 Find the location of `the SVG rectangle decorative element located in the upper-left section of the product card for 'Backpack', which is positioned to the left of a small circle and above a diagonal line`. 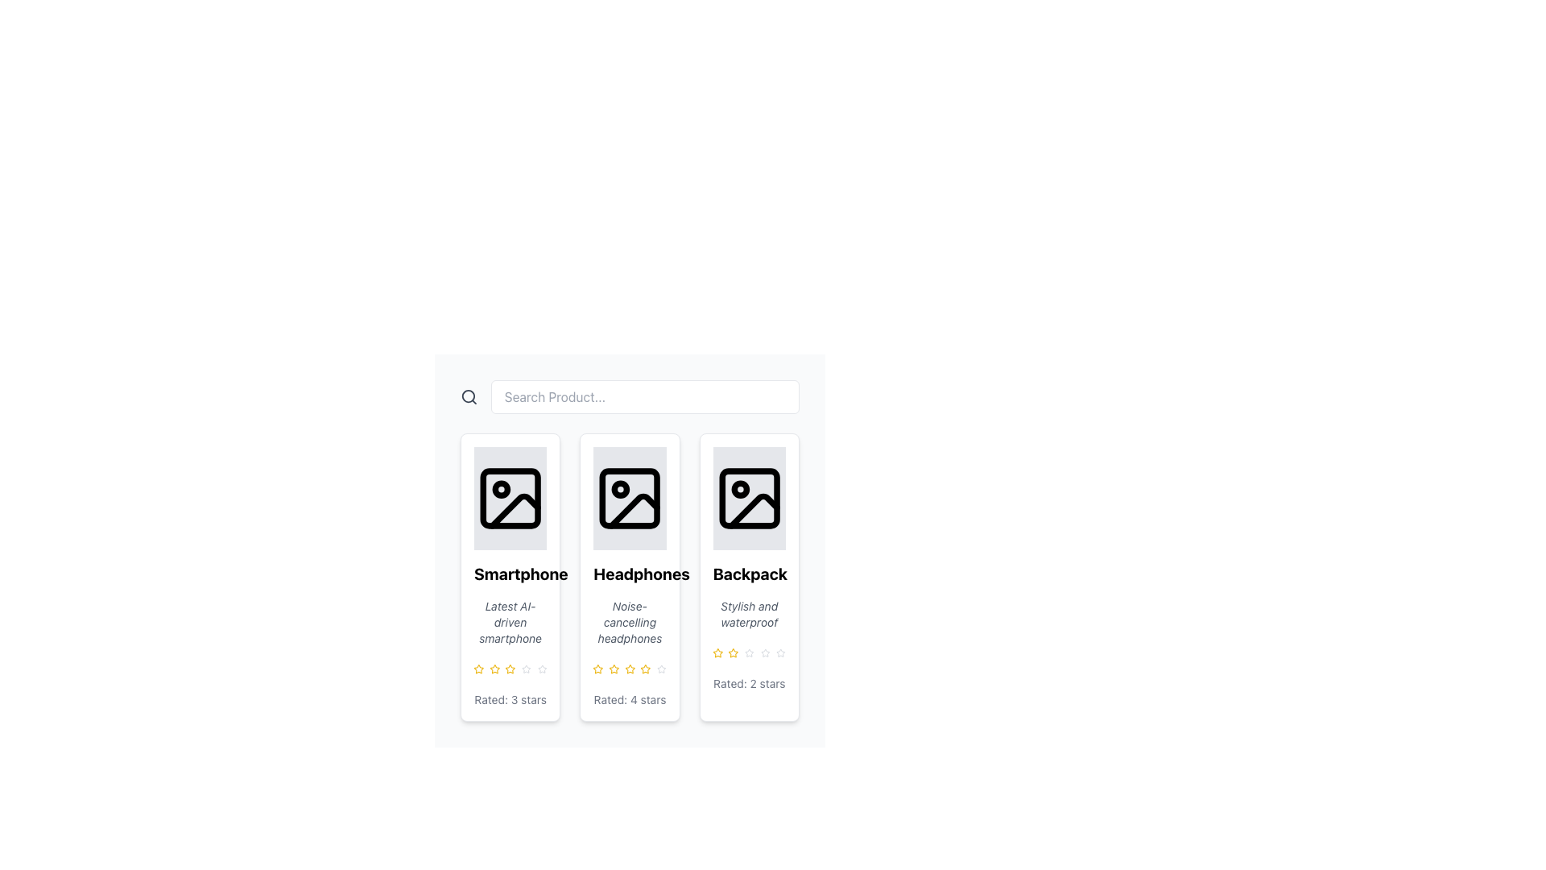

the SVG rectangle decorative element located in the upper-left section of the product card for 'Backpack', which is positioned to the left of a small circle and above a diagonal line is located at coordinates (748, 497).